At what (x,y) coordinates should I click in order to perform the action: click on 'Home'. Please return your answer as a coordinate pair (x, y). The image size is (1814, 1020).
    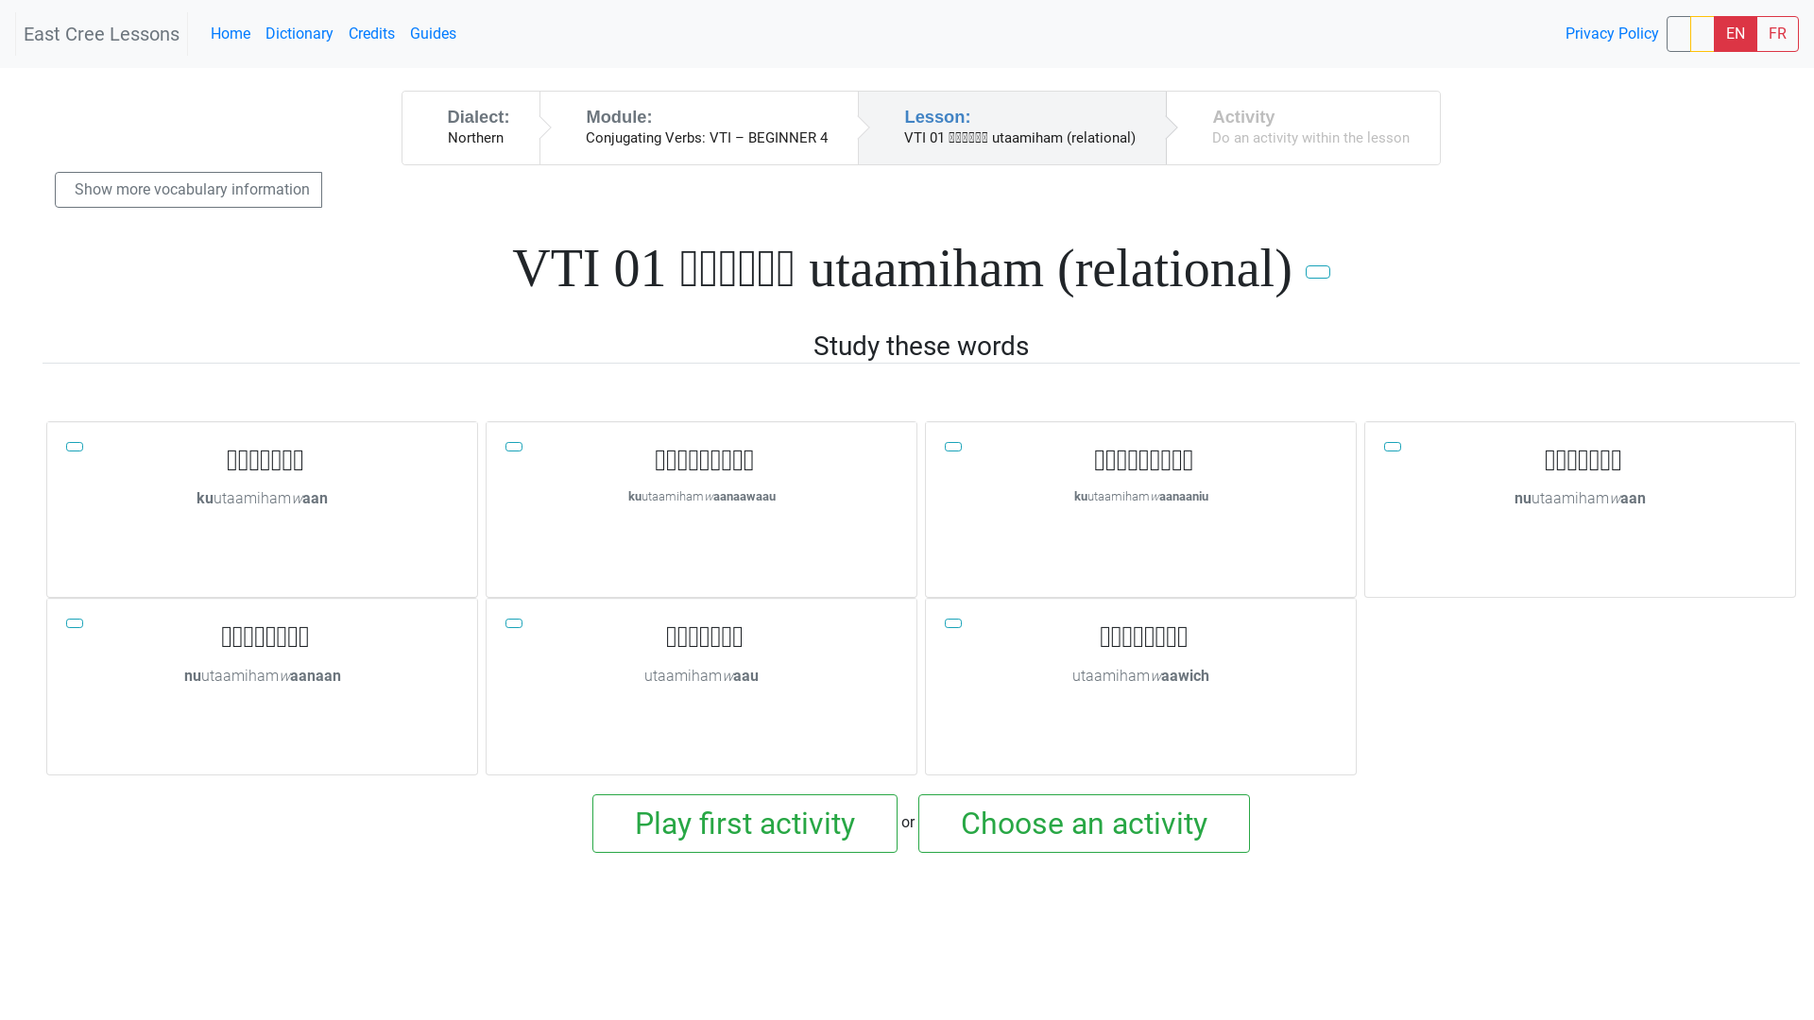
    Looking at the image, I should click on (230, 33).